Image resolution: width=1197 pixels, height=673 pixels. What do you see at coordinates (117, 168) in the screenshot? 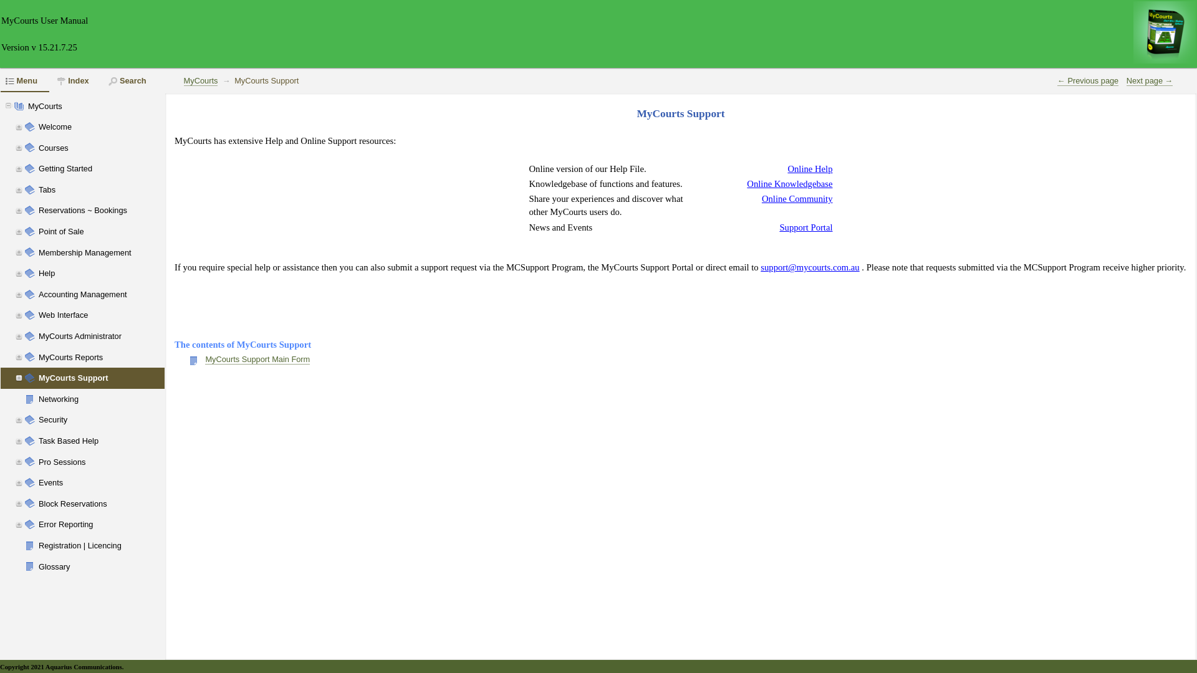
I see `'Getting Started'` at bounding box center [117, 168].